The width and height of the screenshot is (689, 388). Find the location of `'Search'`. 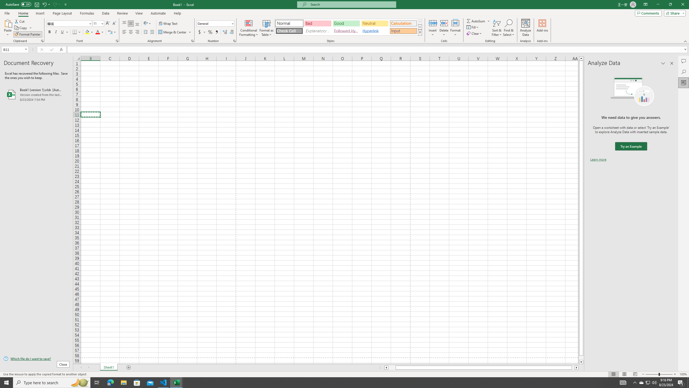

'Search' is located at coordinates (683, 72).